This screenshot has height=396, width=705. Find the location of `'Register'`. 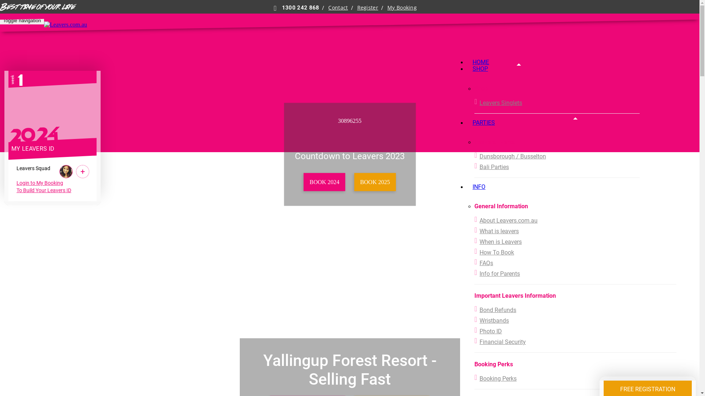

'Register' is located at coordinates (357, 7).